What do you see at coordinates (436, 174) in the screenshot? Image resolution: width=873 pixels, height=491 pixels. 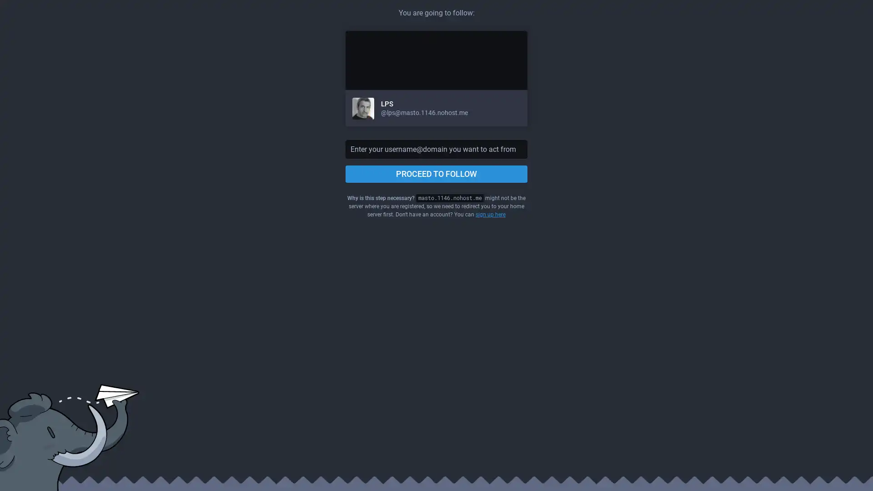 I see `PROCEED TO FOLLOW` at bounding box center [436, 174].